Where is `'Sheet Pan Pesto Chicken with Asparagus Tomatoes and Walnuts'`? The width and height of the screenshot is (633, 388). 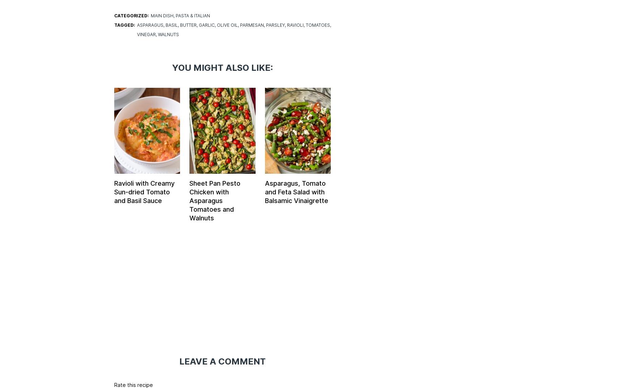 'Sheet Pan Pesto Chicken with Asparagus Tomatoes and Walnuts' is located at coordinates (215, 200).